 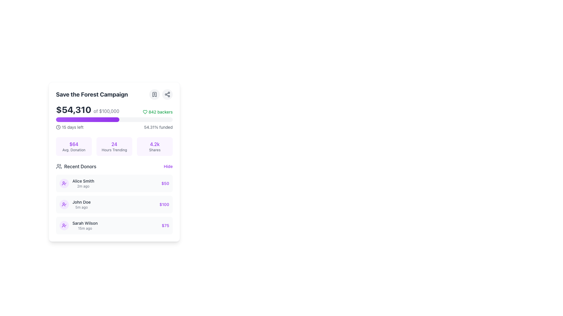 I want to click on the share icon button located, so click(x=167, y=94).